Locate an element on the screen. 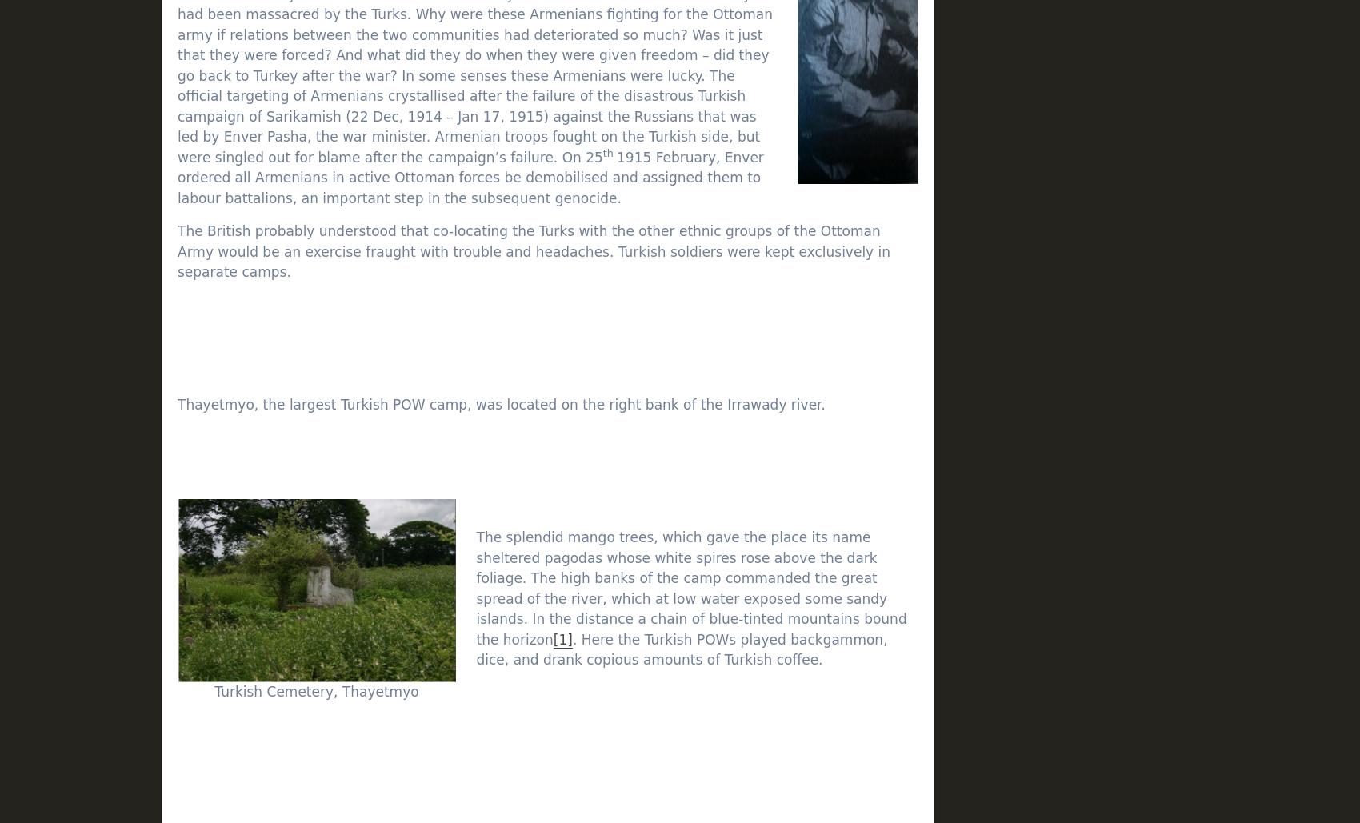 The width and height of the screenshot is (1360, 823). 'W' is located at coordinates (1057, 513).